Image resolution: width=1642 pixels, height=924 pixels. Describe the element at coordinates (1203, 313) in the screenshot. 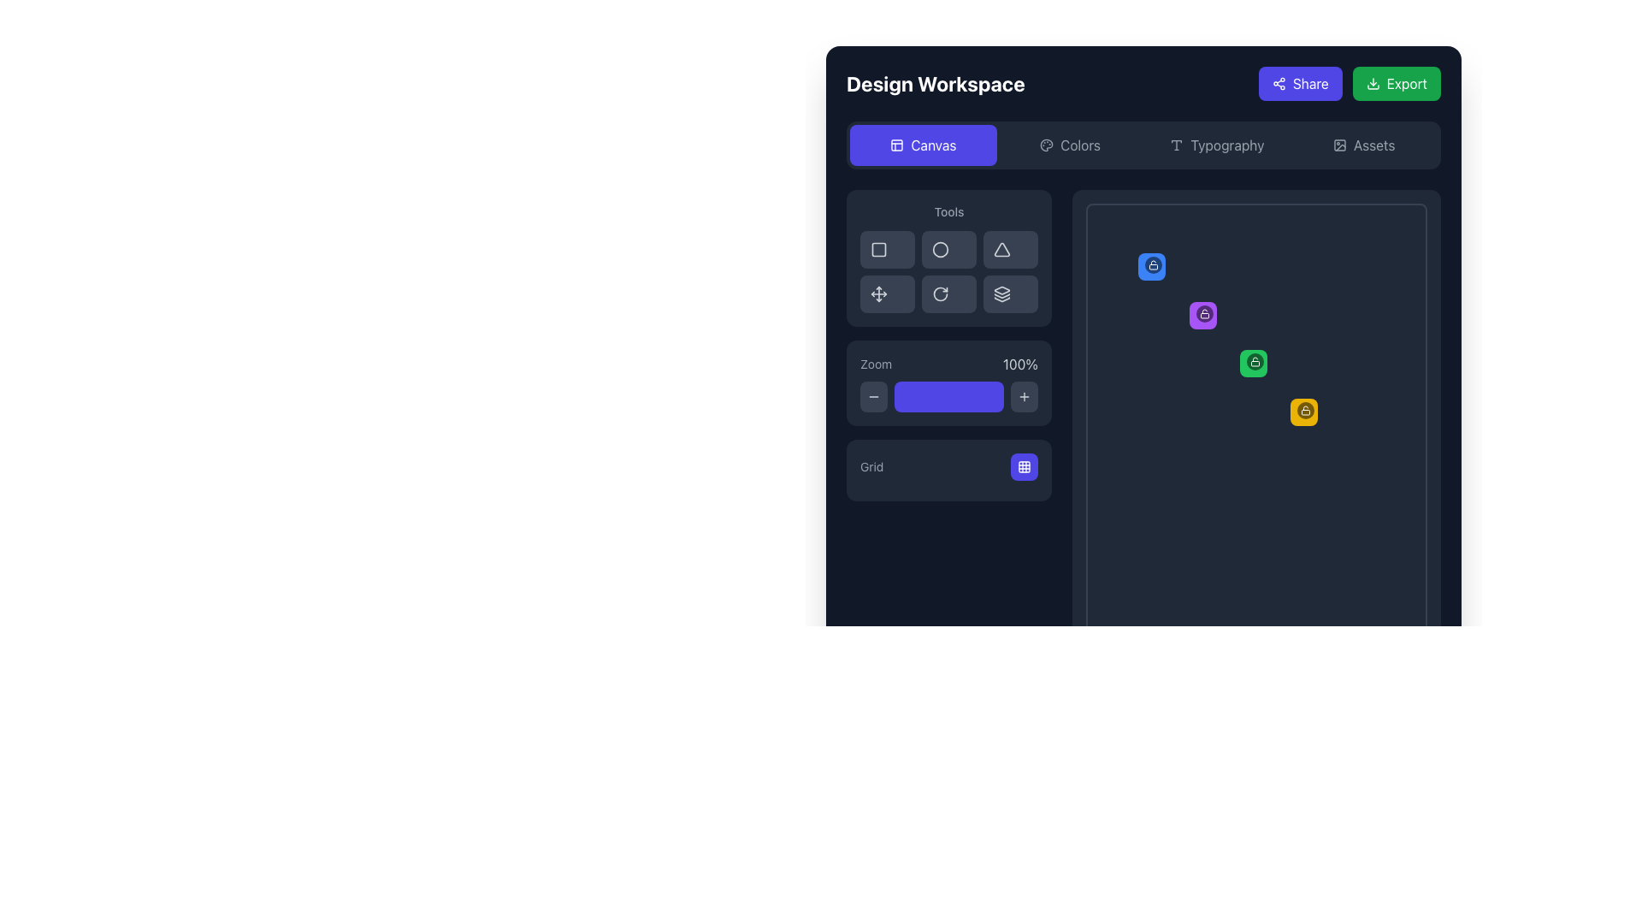

I see `the small circular button with a dark semi-transparent background and a white lock icon in the center to darken the background` at that location.